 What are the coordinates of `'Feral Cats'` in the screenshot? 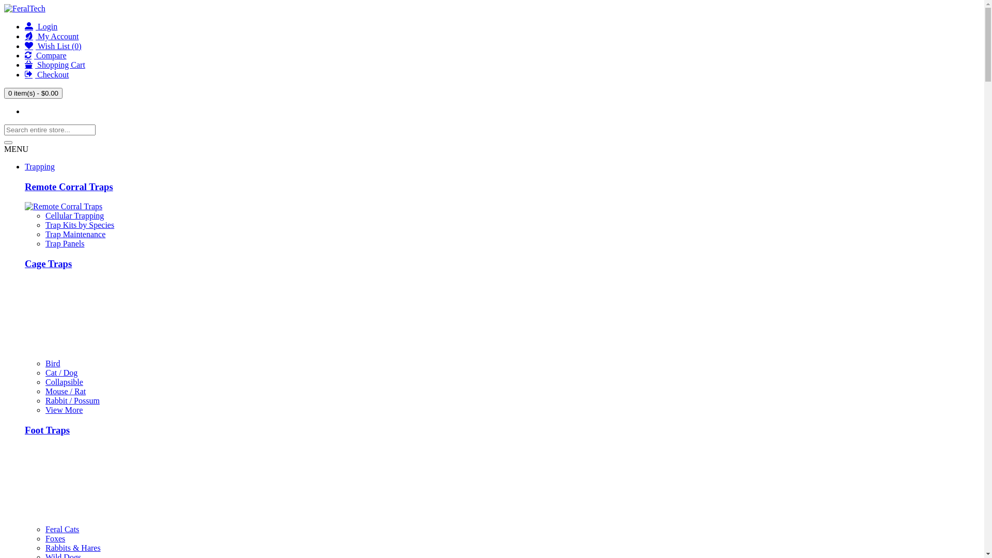 It's located at (44, 529).